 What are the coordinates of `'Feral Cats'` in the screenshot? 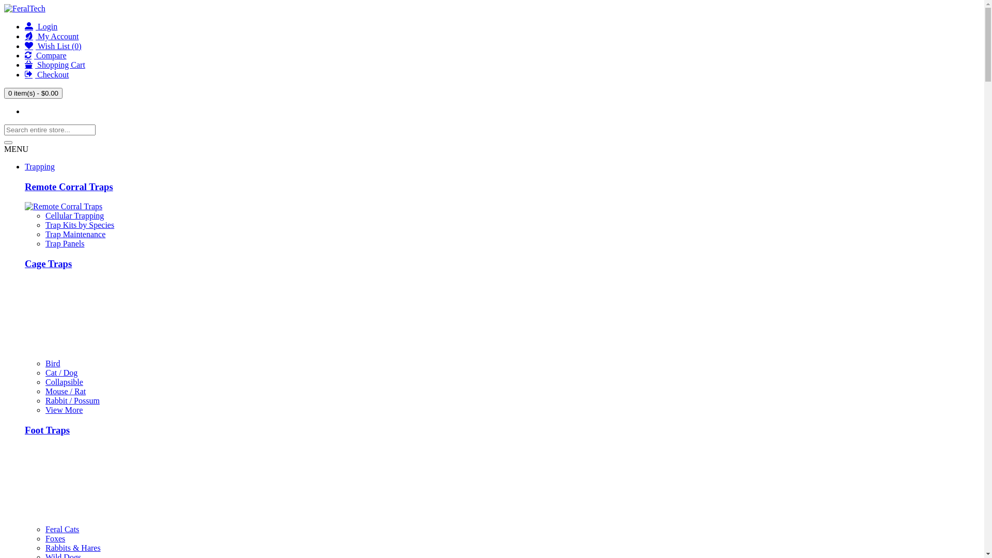 It's located at (44, 529).